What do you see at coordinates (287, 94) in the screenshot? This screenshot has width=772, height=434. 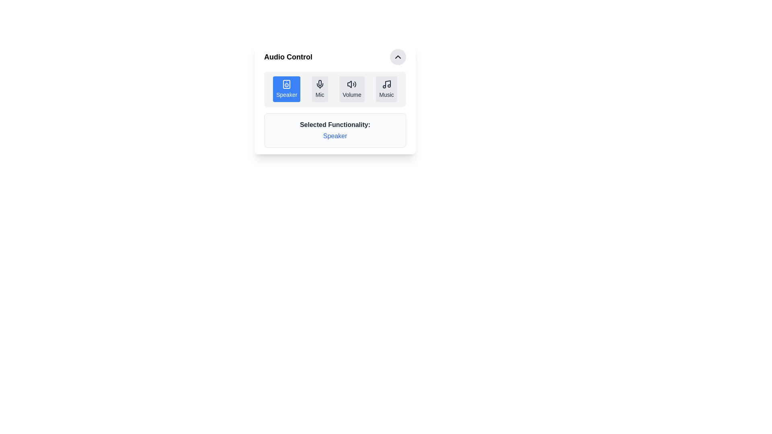 I see `the 'Speaker' text label located beneath the speaker icon within the blue rectangular button in the 'Audio Control' panel` at bounding box center [287, 94].